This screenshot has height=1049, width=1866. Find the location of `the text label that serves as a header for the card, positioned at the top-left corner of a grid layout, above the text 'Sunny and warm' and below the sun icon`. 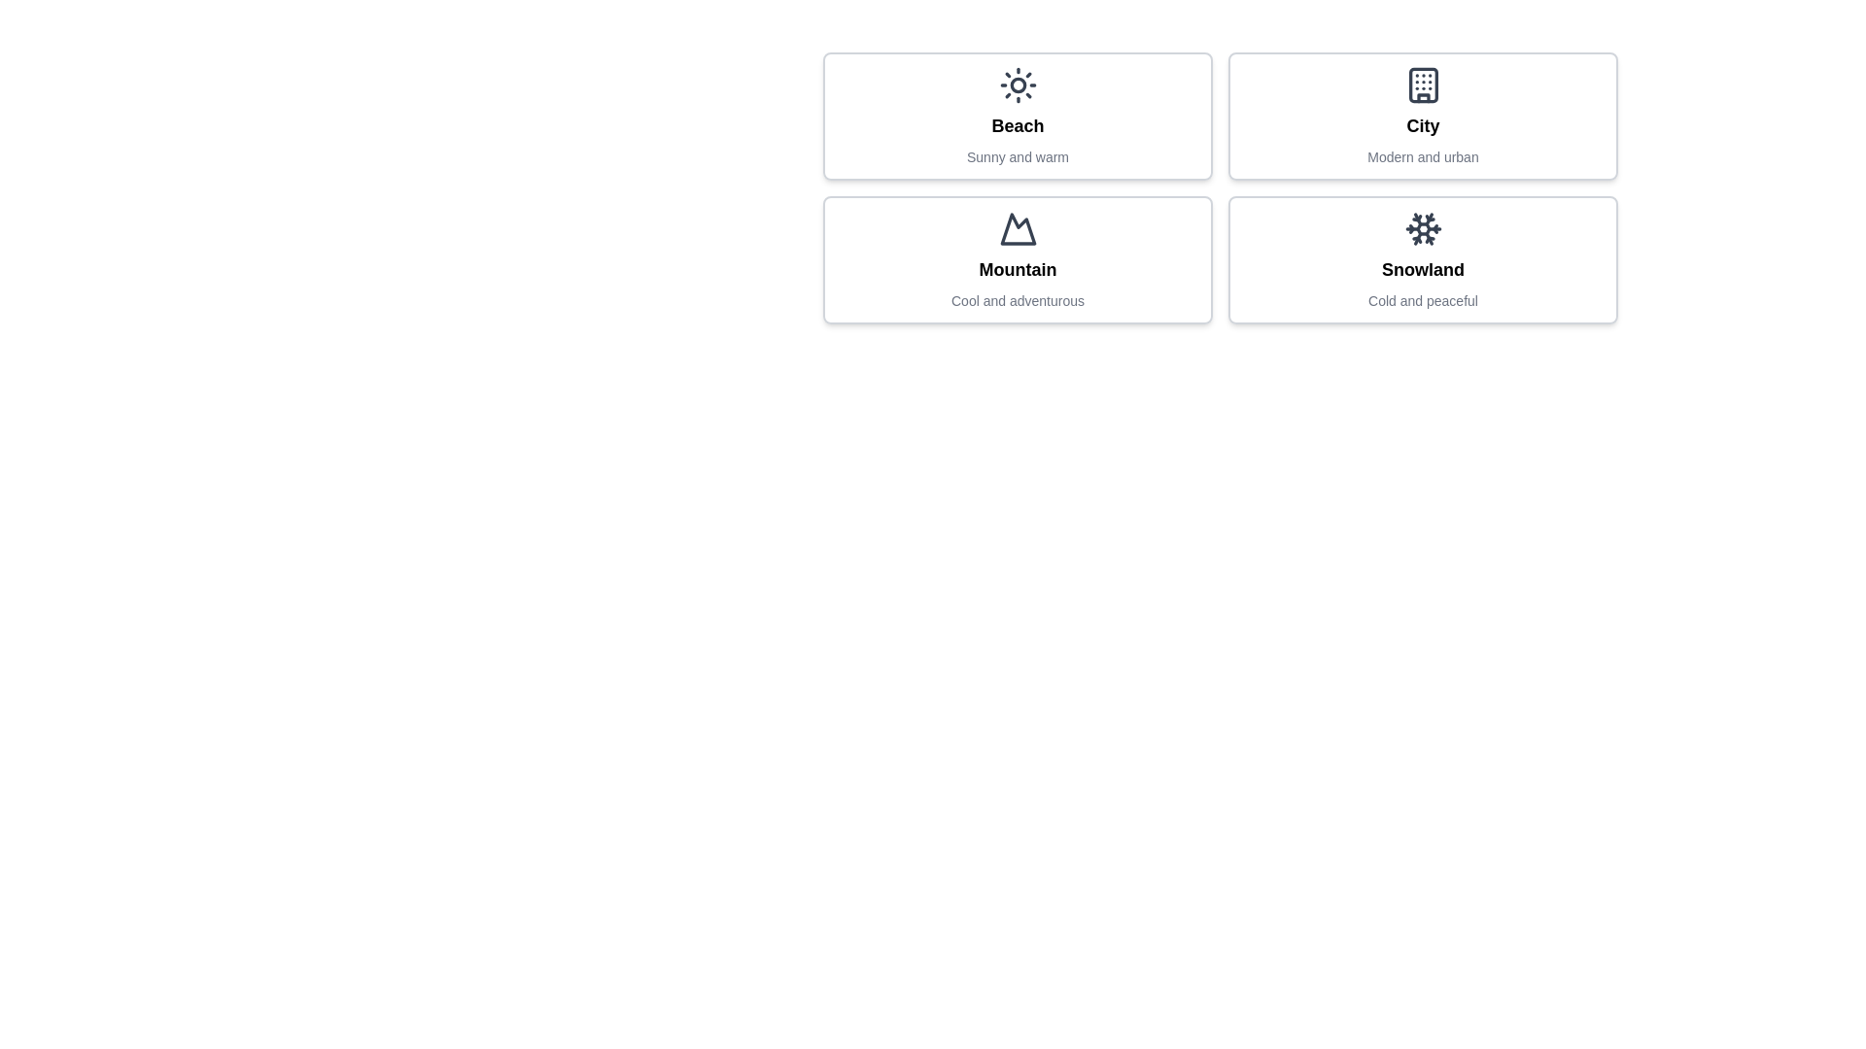

the text label that serves as a header for the card, positioned at the top-left corner of a grid layout, above the text 'Sunny and warm' and below the sun icon is located at coordinates (1017, 126).